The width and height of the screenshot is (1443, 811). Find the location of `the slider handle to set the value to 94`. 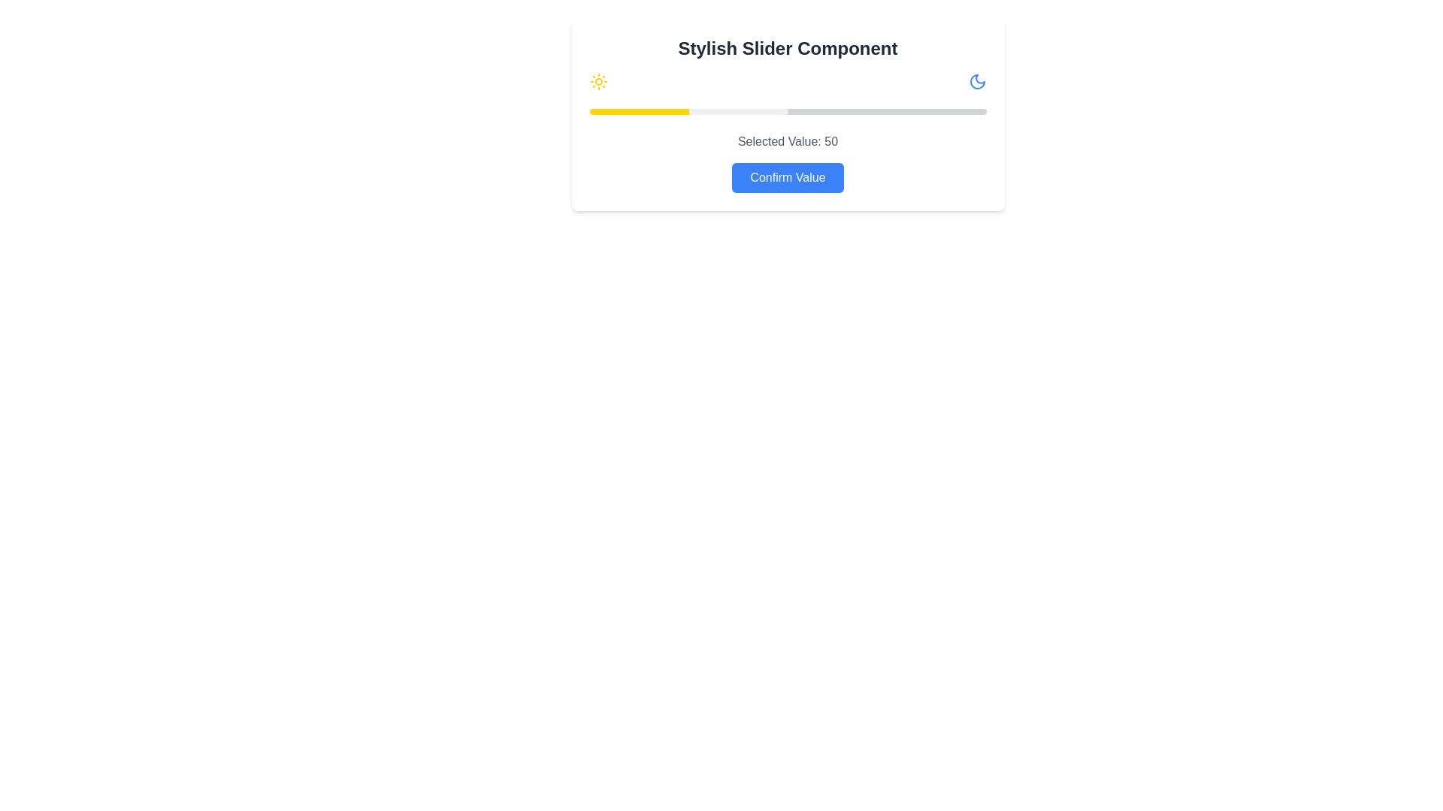

the slider handle to set the value to 94 is located at coordinates (962, 111).